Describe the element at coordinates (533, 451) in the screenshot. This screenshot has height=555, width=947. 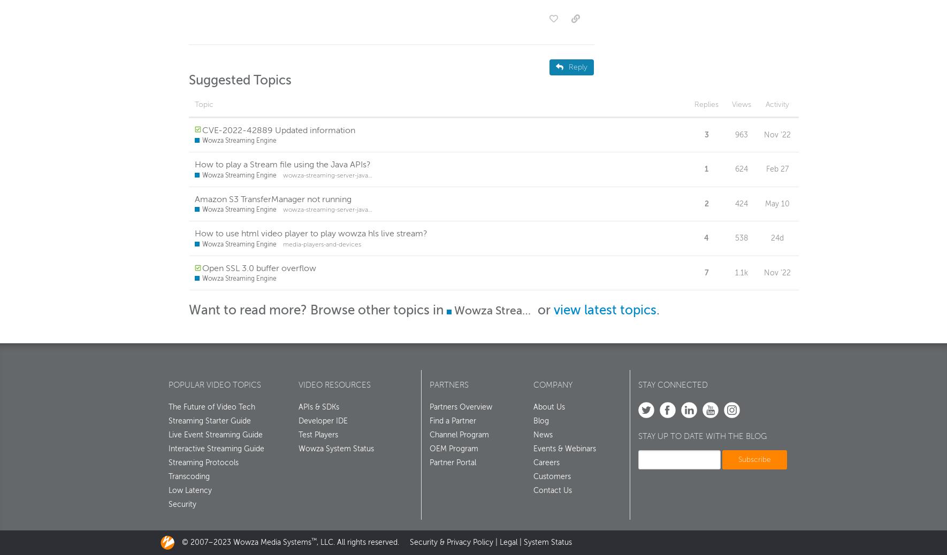
I see `'Events & Webinars'` at that location.